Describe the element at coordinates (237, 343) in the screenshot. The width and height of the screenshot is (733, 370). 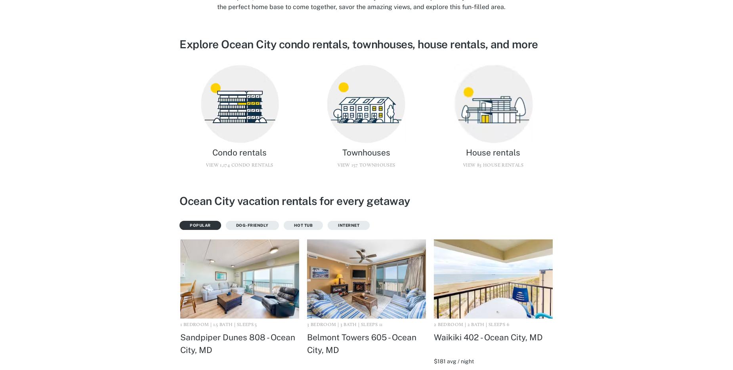
I see `'Sandpiper Dunes 808 - Ocean City, MD'` at that location.